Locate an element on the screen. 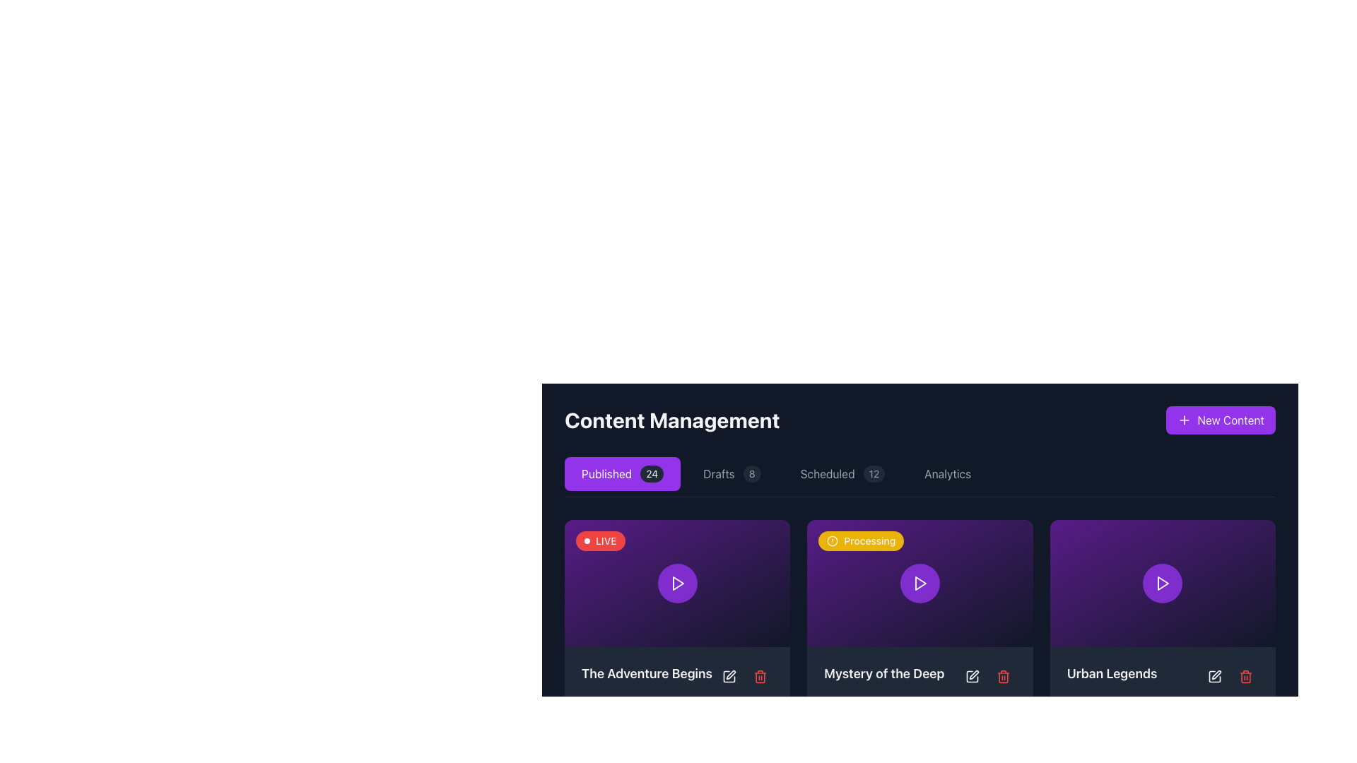  the decorative outline of the square-pen icon to initiate an edit action for the 'Urban Legends' content is located at coordinates (1214, 675).